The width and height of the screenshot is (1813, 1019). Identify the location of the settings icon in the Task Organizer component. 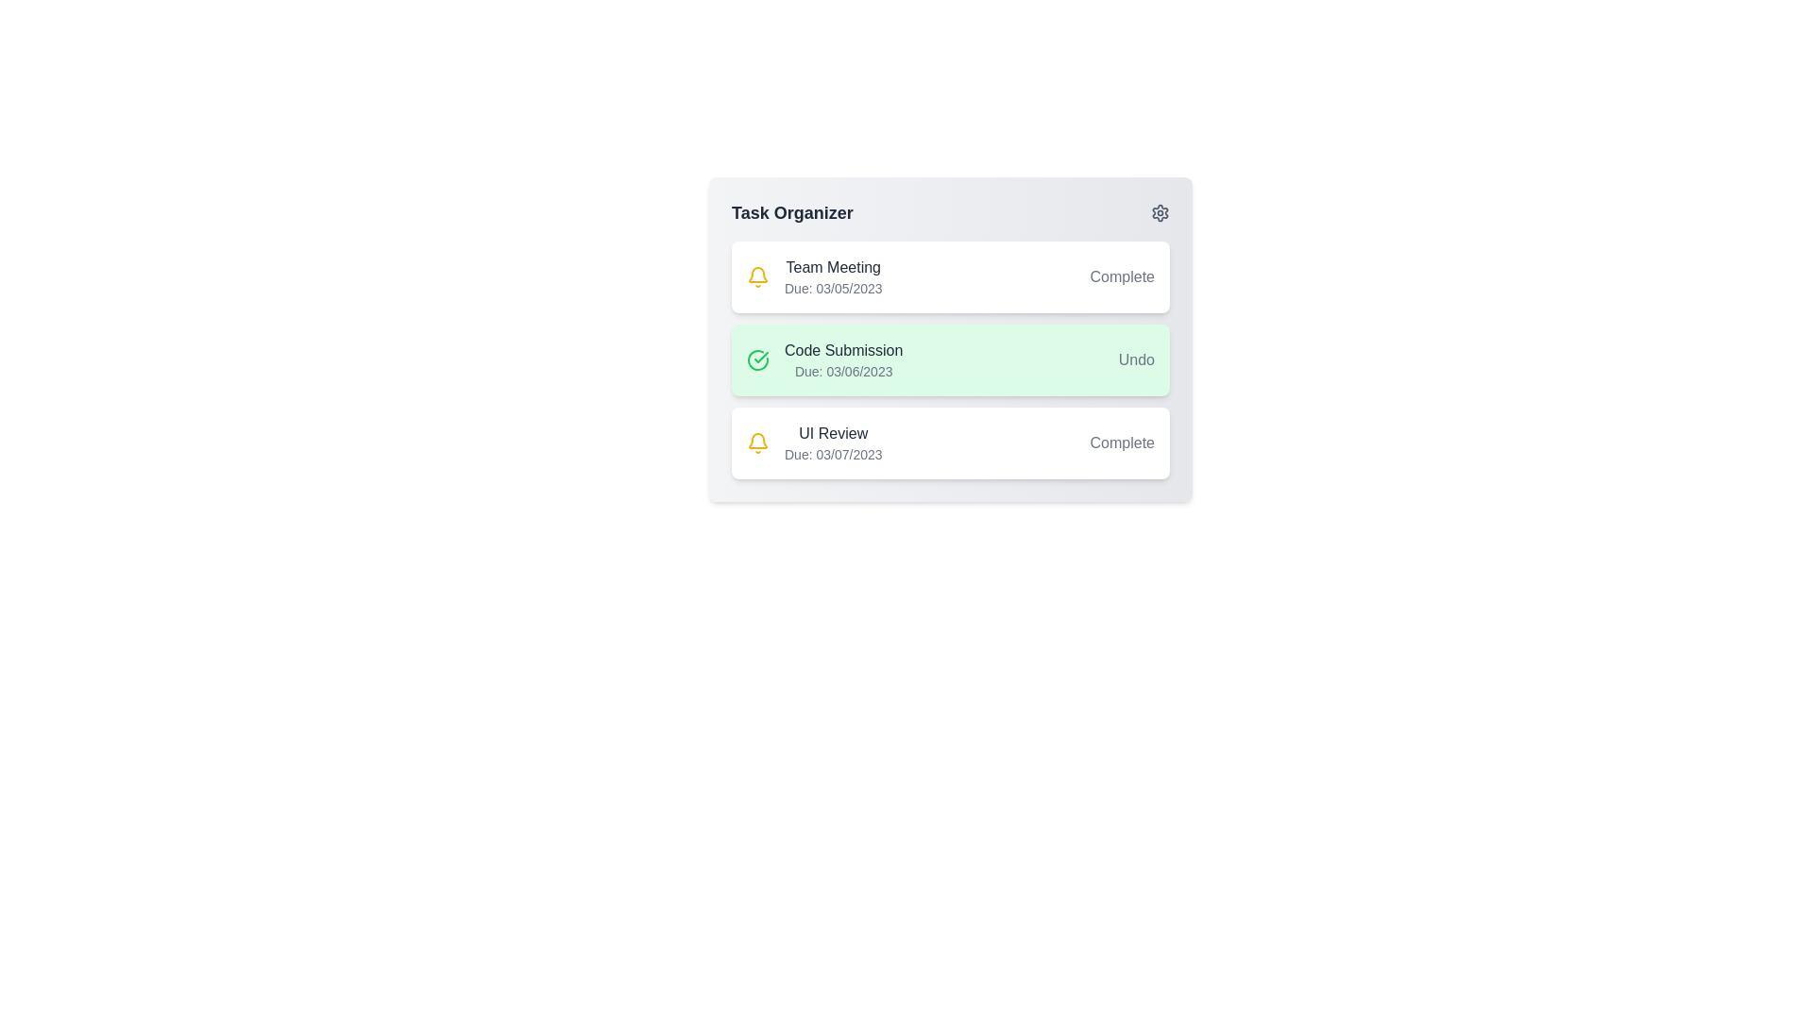
(1159, 212).